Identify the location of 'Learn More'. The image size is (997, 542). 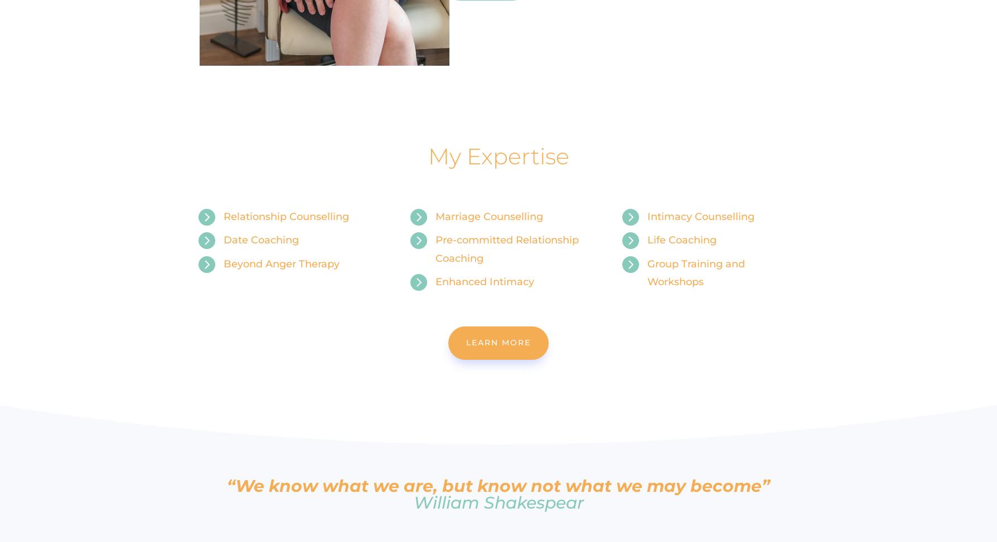
(498, 343).